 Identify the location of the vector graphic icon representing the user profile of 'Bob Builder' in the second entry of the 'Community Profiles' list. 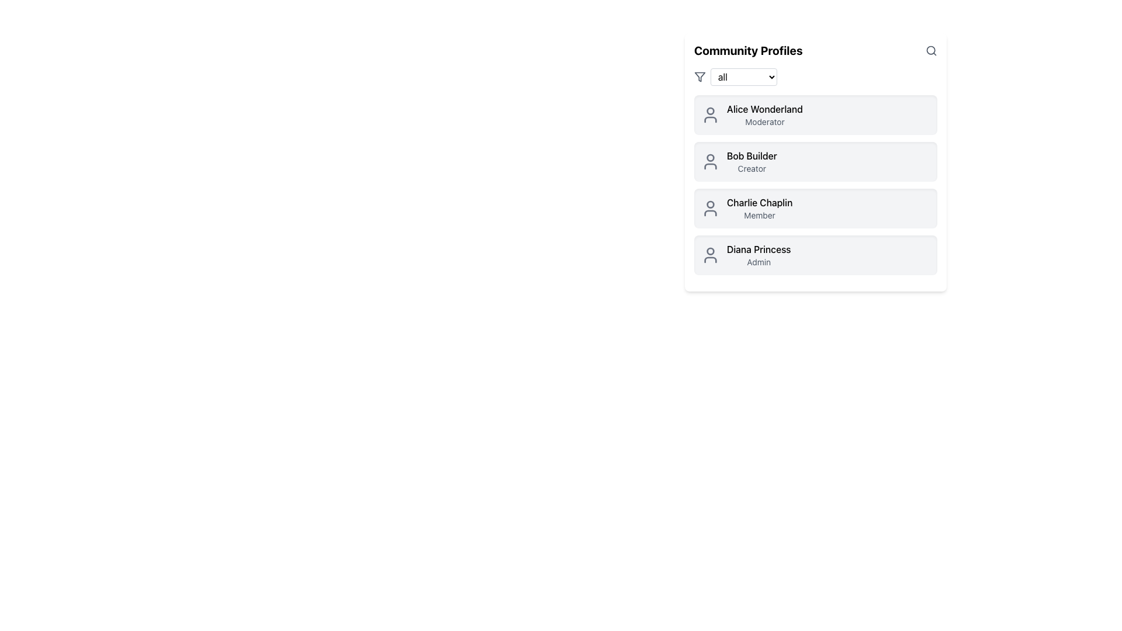
(709, 162).